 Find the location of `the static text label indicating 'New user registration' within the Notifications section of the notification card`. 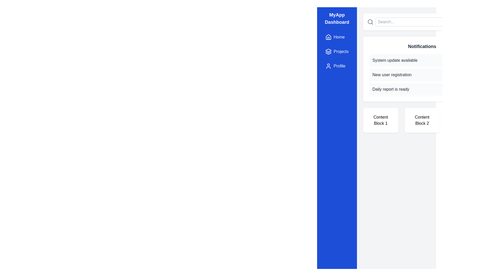

the static text label indicating 'New user registration' within the Notifications section of the notification card is located at coordinates (392, 75).